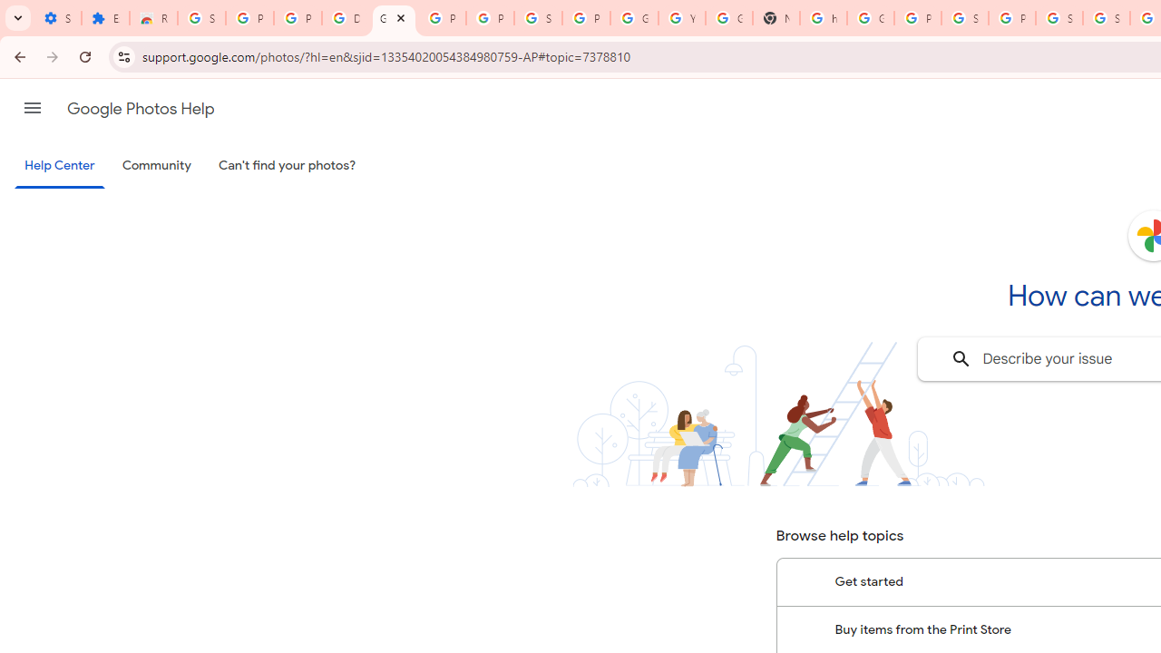 The image size is (1161, 653). Describe the element at coordinates (57, 18) in the screenshot. I see `'Settings - On startup'` at that location.